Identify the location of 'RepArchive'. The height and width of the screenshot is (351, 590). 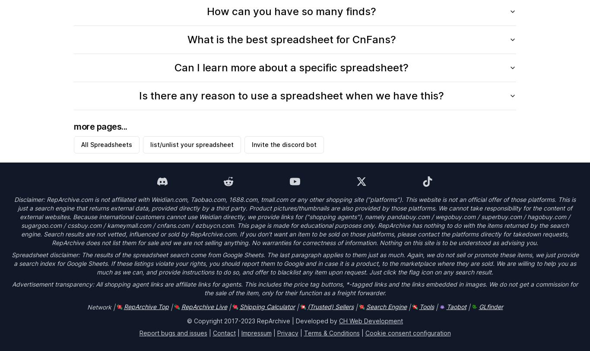
(257, 320).